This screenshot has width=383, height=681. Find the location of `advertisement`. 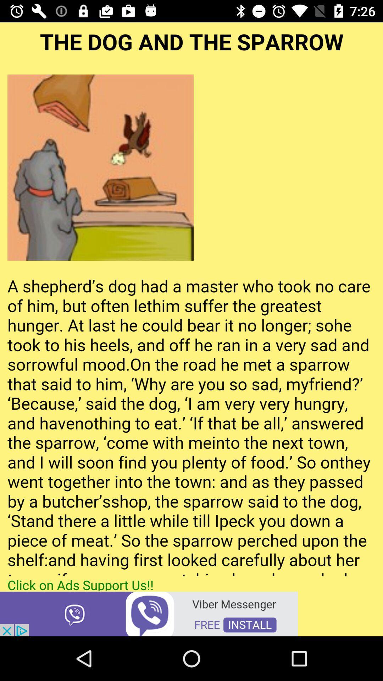

advertisement is located at coordinates (149, 613).